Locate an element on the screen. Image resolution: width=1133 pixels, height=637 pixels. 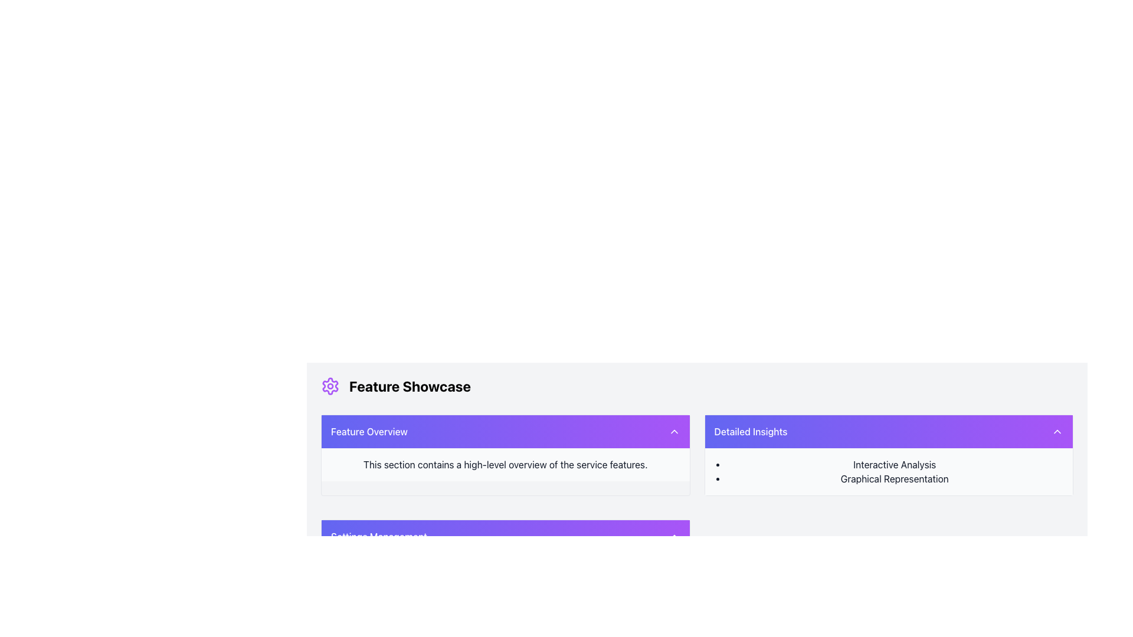
the upward chevron icon located at the far right end of the 'Detailed Insights' section header is located at coordinates (1057, 432).